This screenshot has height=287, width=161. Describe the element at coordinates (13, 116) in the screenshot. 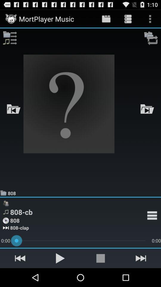

I see `the skip_previous icon` at that location.